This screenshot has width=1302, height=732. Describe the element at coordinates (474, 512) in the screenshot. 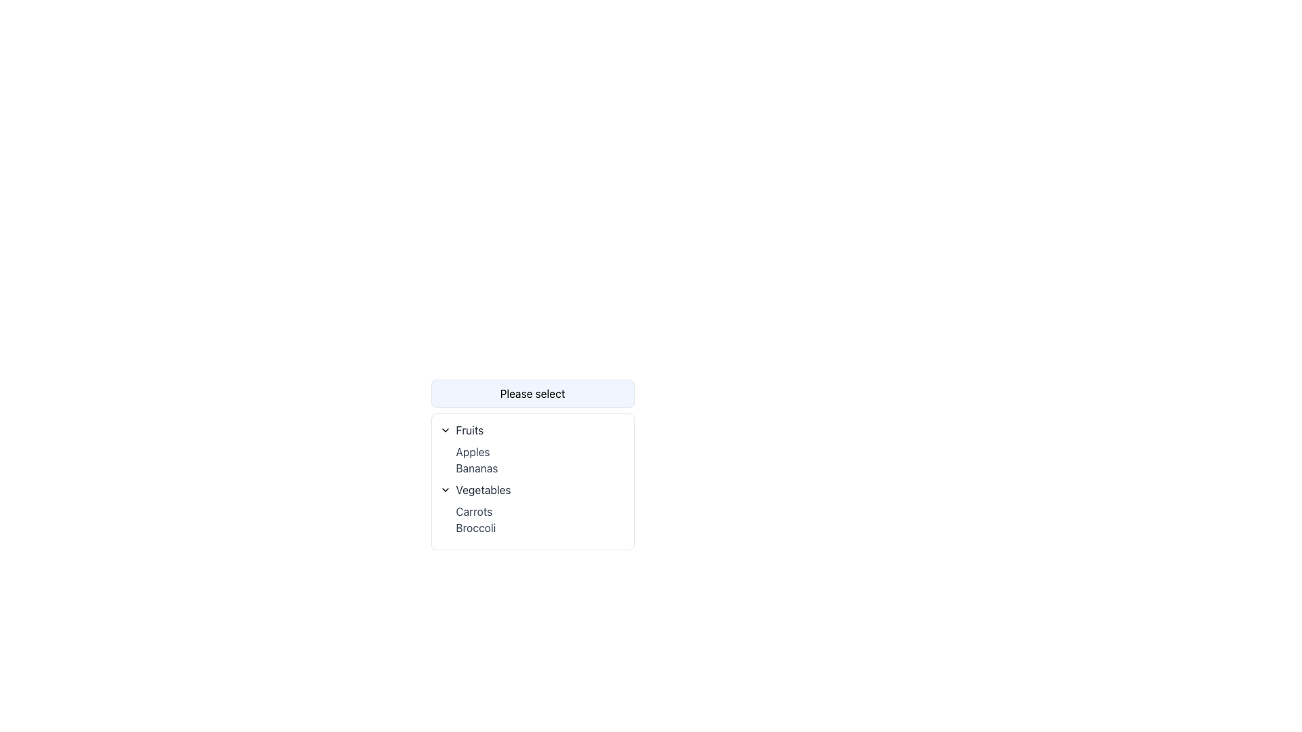

I see `the first label in the 'Vegetables' section of the dropdown menu` at that location.